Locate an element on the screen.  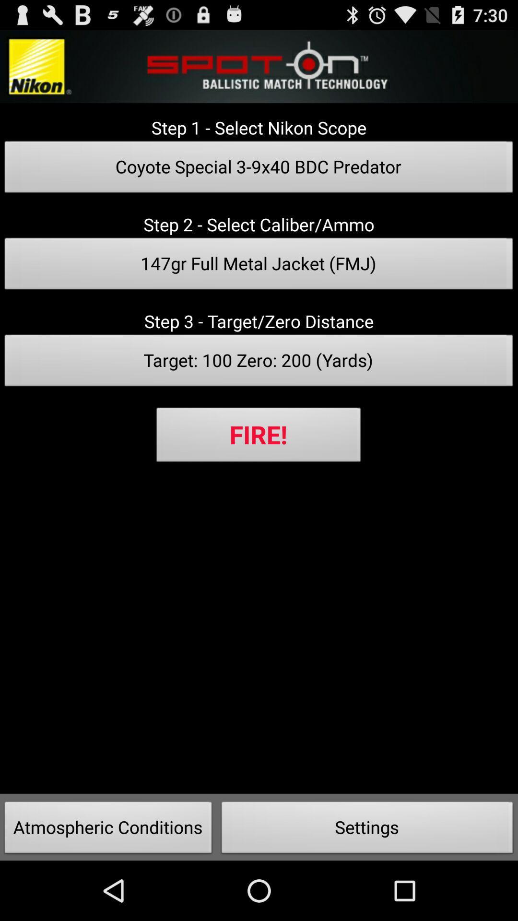
the 147gr full metal icon is located at coordinates (259, 266).